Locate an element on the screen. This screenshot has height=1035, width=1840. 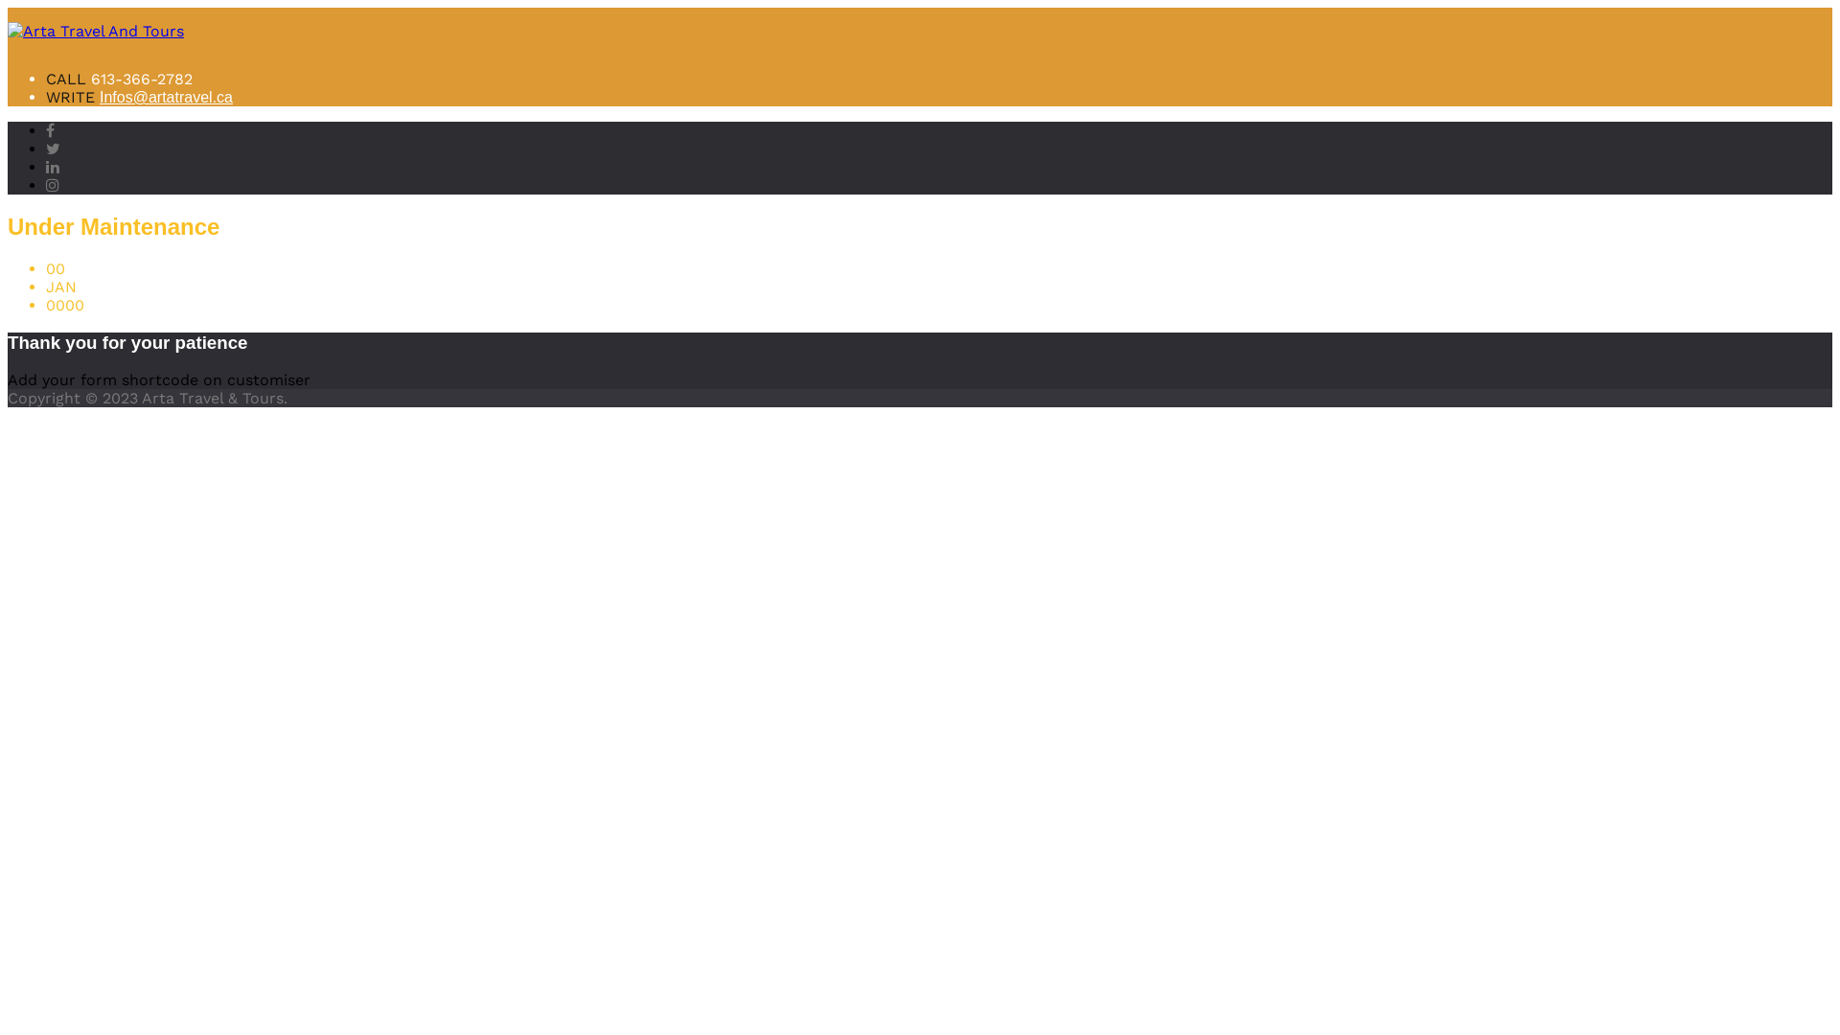
'Instagram' is located at coordinates (52, 185).